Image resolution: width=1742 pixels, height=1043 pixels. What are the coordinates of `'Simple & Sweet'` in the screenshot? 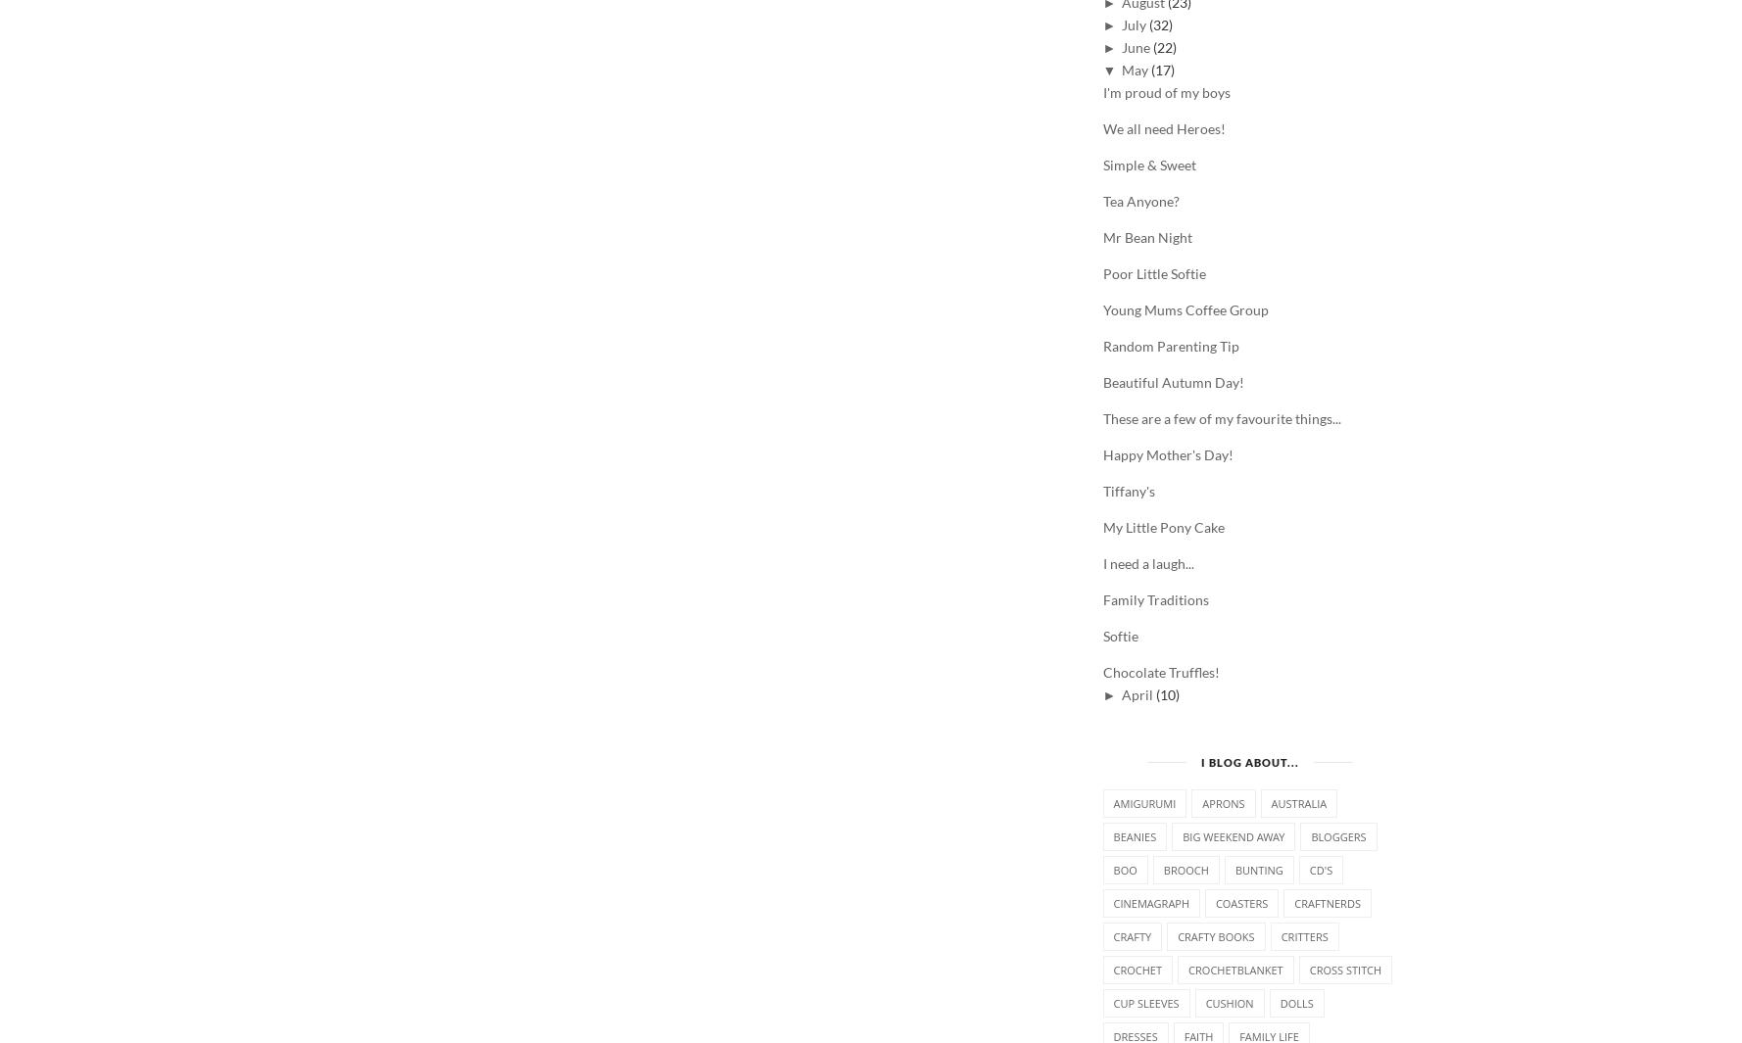 It's located at (1148, 163).